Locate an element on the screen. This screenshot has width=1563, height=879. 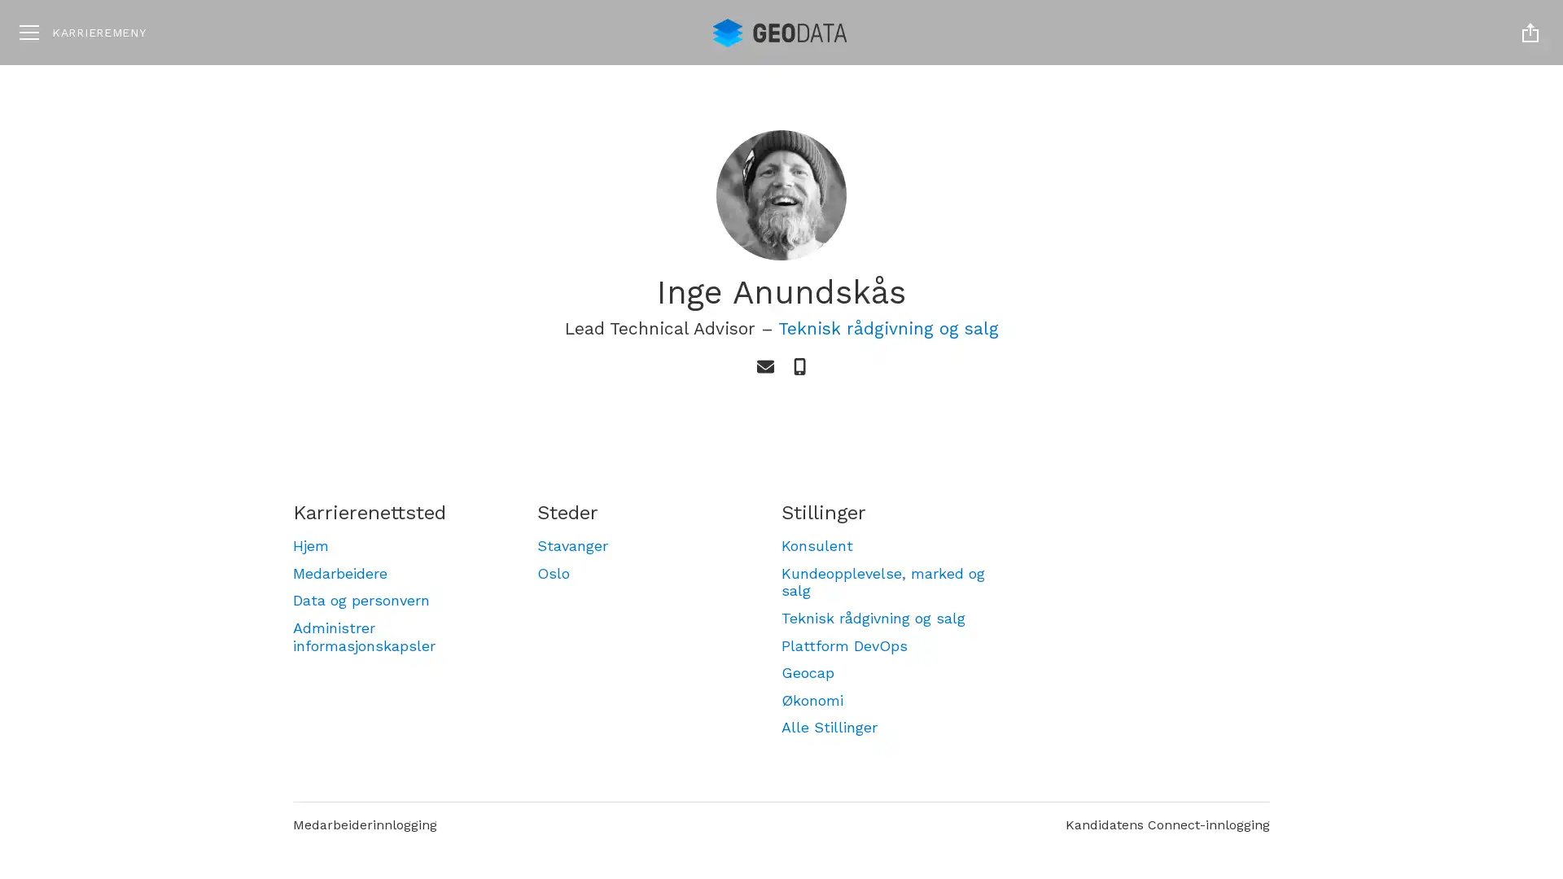
Telefon is located at coordinates (799, 367).